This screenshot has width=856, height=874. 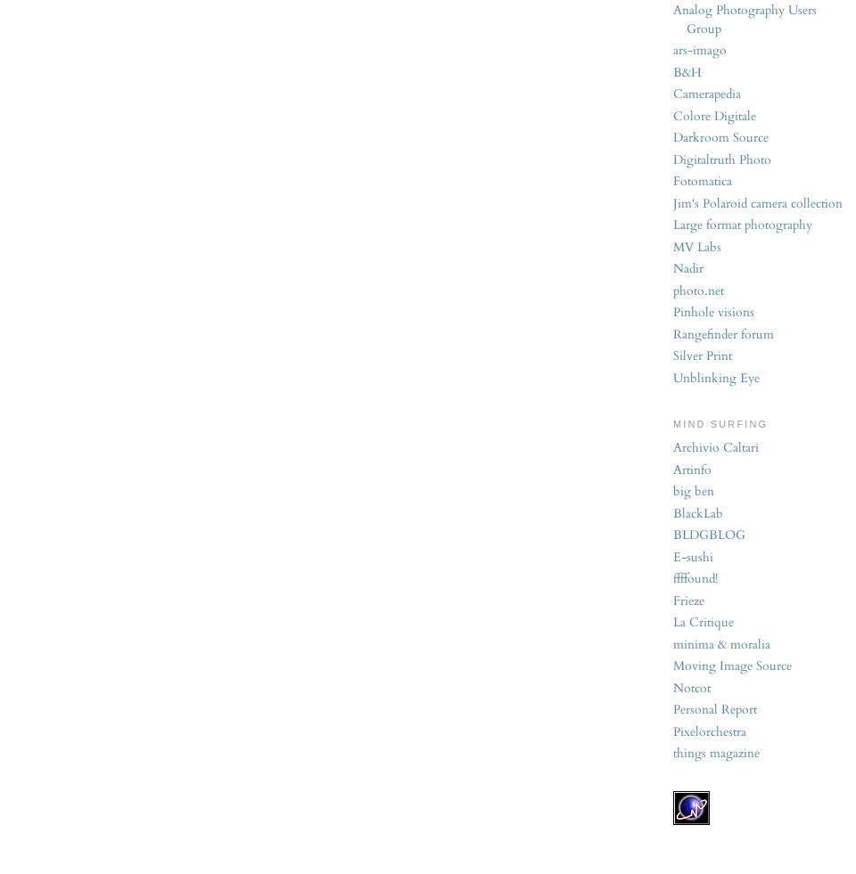 I want to click on 'BLDGBLOG', so click(x=672, y=535).